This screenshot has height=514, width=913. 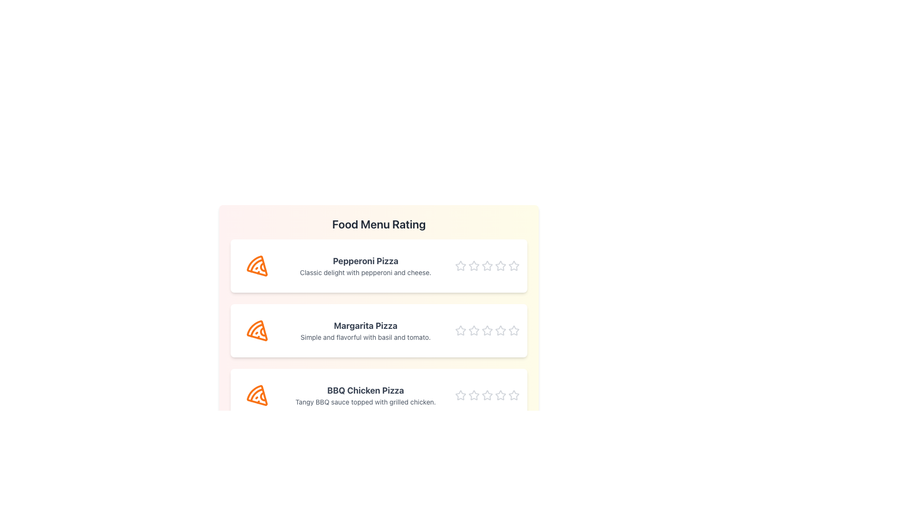 I want to click on the graphical icon representing the 'Pepperoni Pizza' menu item located in the top-left section of the first menu card, so click(x=257, y=266).